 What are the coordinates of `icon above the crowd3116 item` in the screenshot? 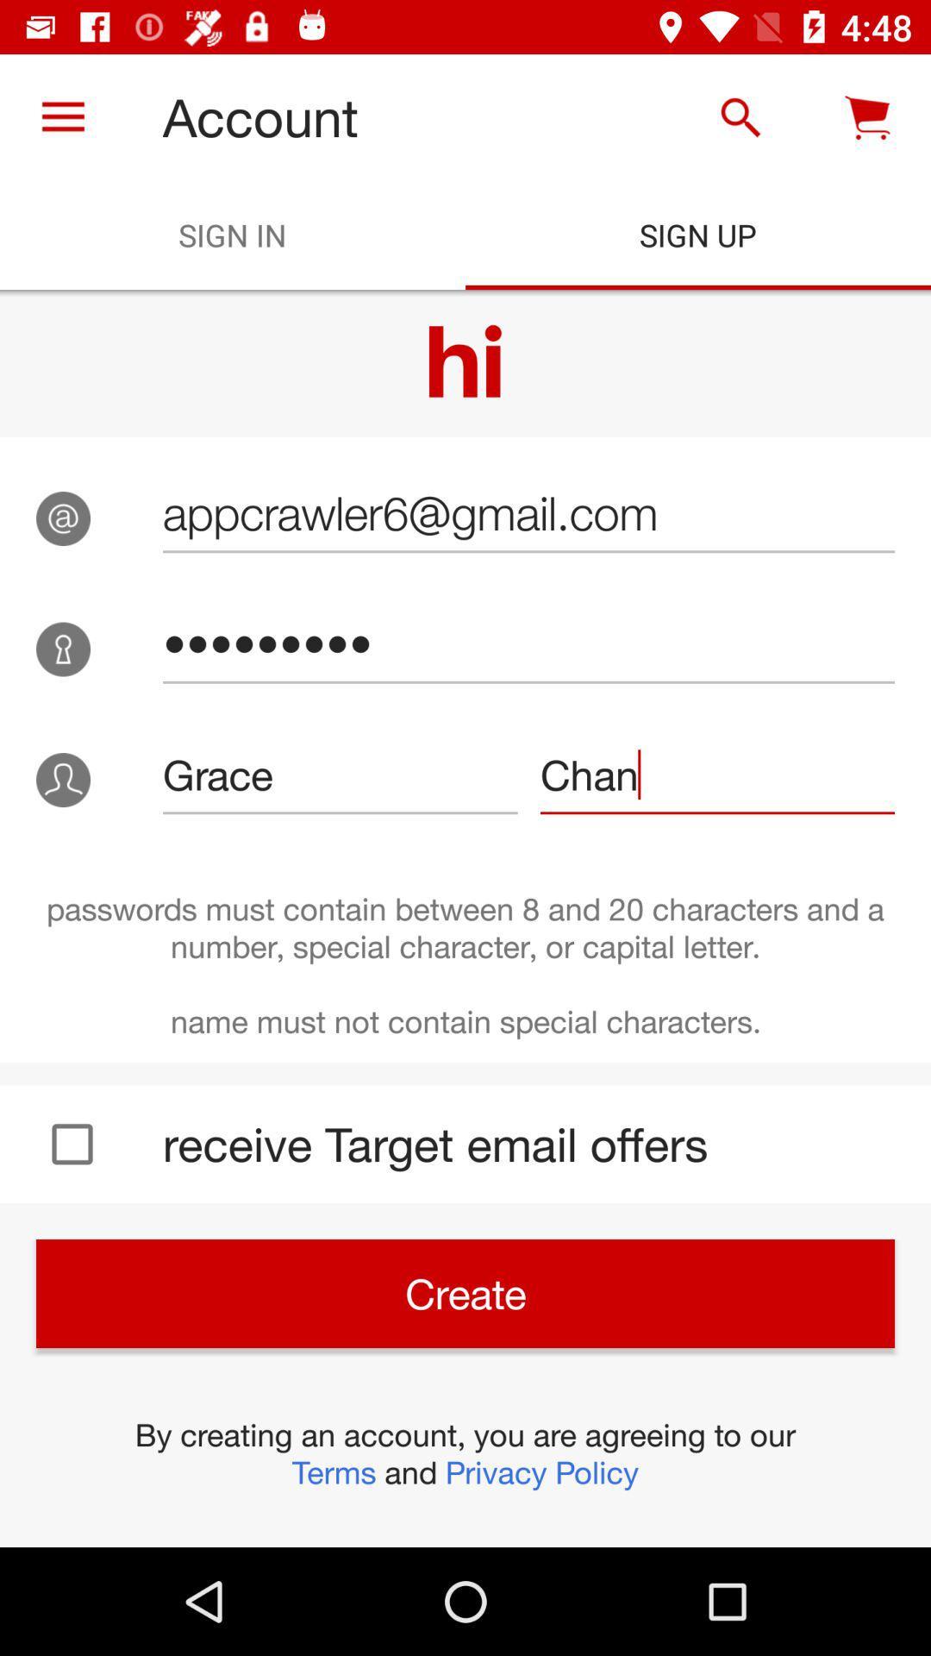 It's located at (528, 512).